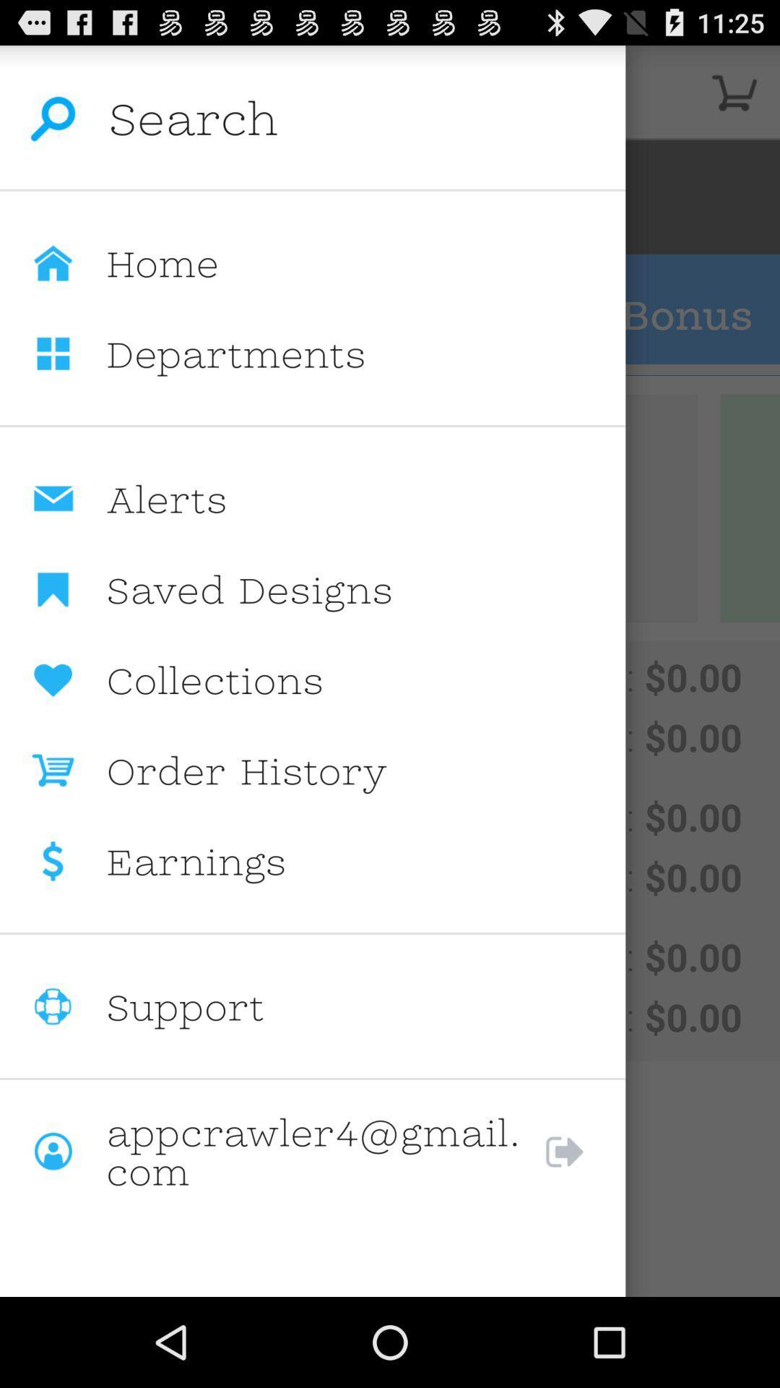  Describe the element at coordinates (734, 98) in the screenshot. I see `the cart icon` at that location.